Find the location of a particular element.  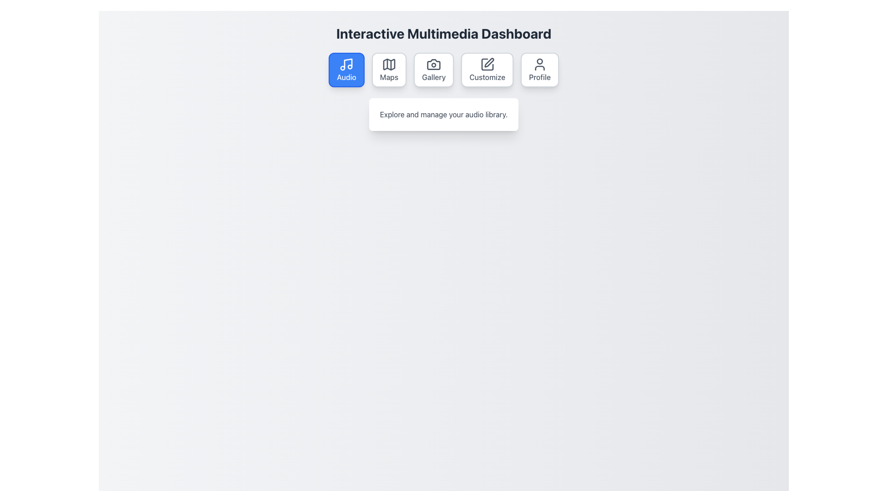

the drawing or editing tool icon located in the 'Customize' section, positioned second to last among the top center icons is located at coordinates (488, 62).